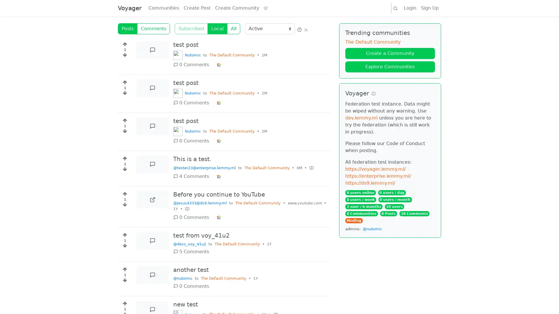 Image resolution: width=559 pixels, height=314 pixels. What do you see at coordinates (124, 193) in the screenshot?
I see `Upvote` at bounding box center [124, 193].